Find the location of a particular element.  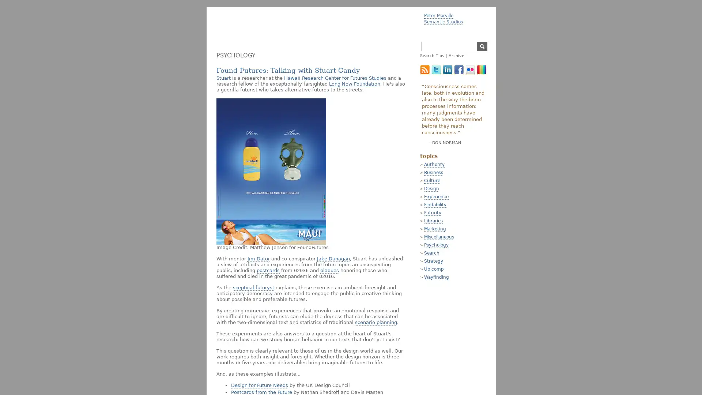

SUBMIT is located at coordinates (482, 46).